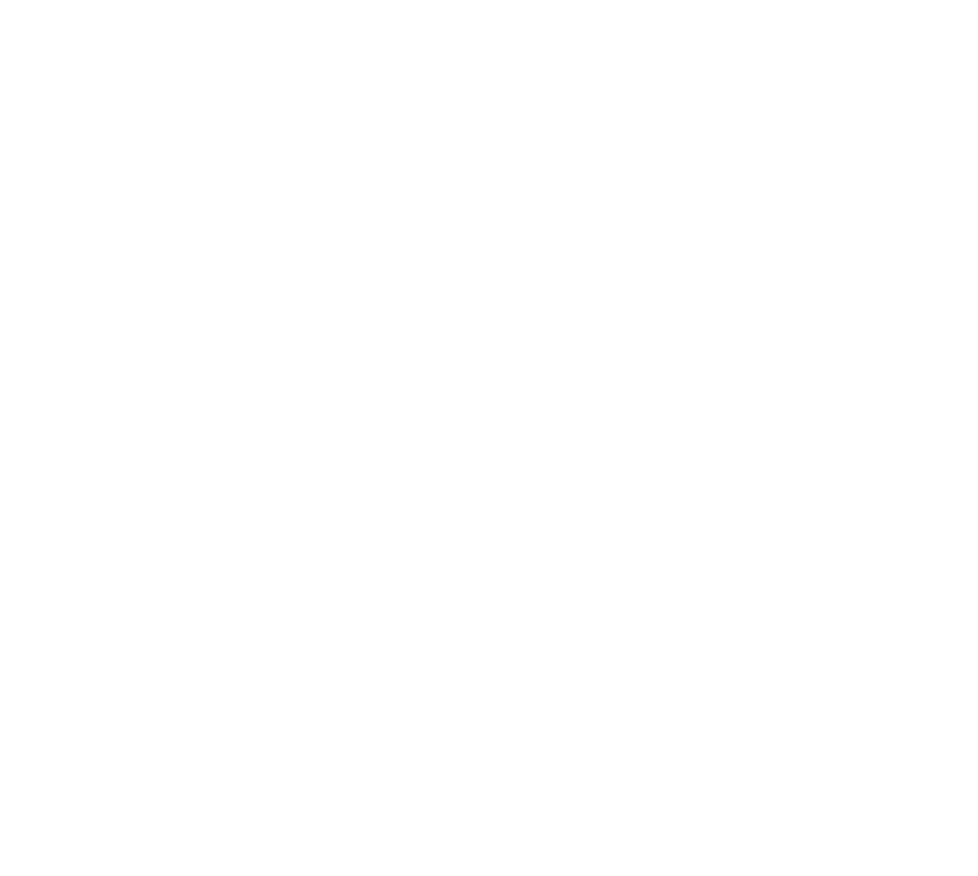 This screenshot has width=978, height=876. What do you see at coordinates (703, 666) in the screenshot?
I see `'MTA'` at bounding box center [703, 666].